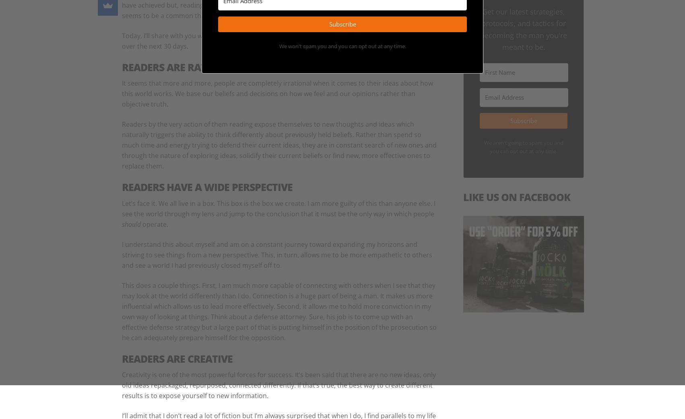  What do you see at coordinates (516, 197) in the screenshot?
I see `'Like Us On Facebook'` at bounding box center [516, 197].